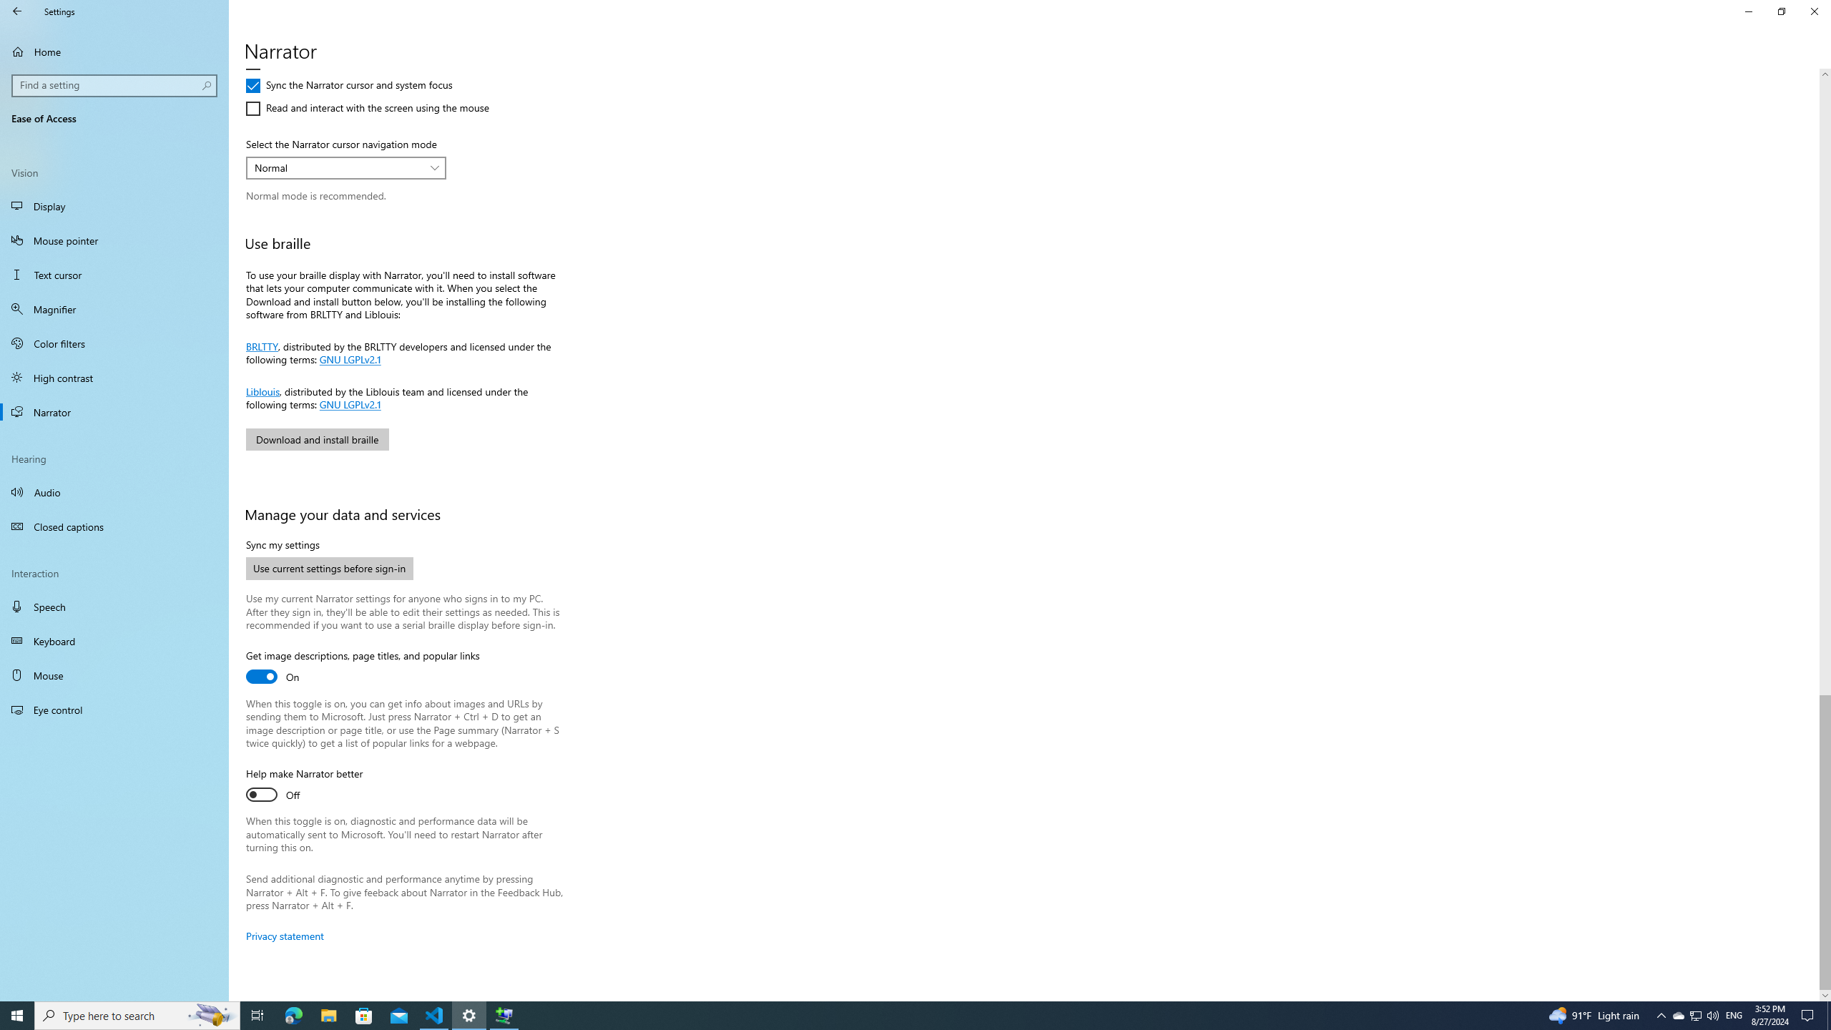  What do you see at coordinates (348, 403) in the screenshot?
I see `'GNU LGPLv2.1'` at bounding box center [348, 403].